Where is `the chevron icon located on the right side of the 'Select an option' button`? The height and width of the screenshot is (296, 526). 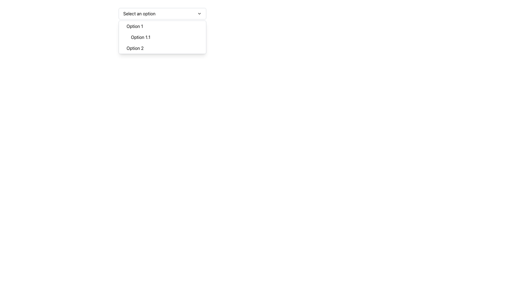 the chevron icon located on the right side of the 'Select an option' button is located at coordinates (199, 13).